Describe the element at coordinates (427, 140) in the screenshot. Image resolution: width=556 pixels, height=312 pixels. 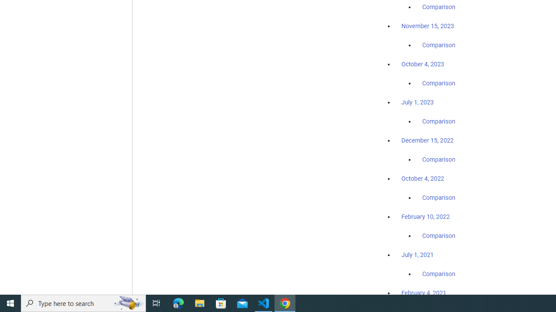
I see `'December 15, 2022'` at that location.